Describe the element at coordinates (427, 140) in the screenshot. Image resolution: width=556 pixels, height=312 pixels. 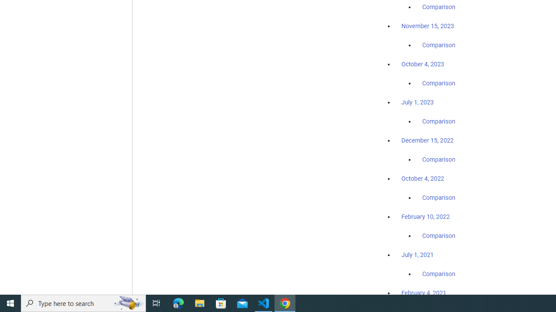
I see `'December 15, 2022'` at that location.